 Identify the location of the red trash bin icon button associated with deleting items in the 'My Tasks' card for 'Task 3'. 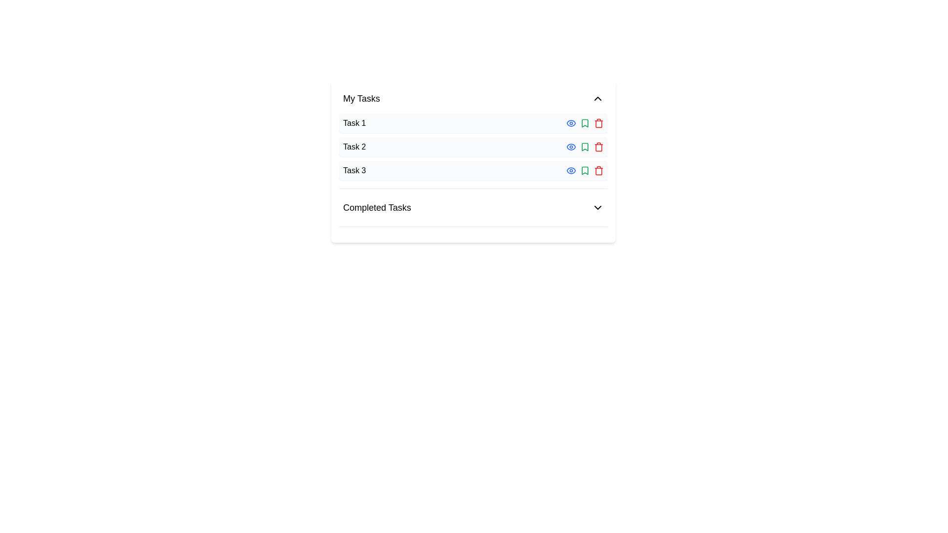
(598, 170).